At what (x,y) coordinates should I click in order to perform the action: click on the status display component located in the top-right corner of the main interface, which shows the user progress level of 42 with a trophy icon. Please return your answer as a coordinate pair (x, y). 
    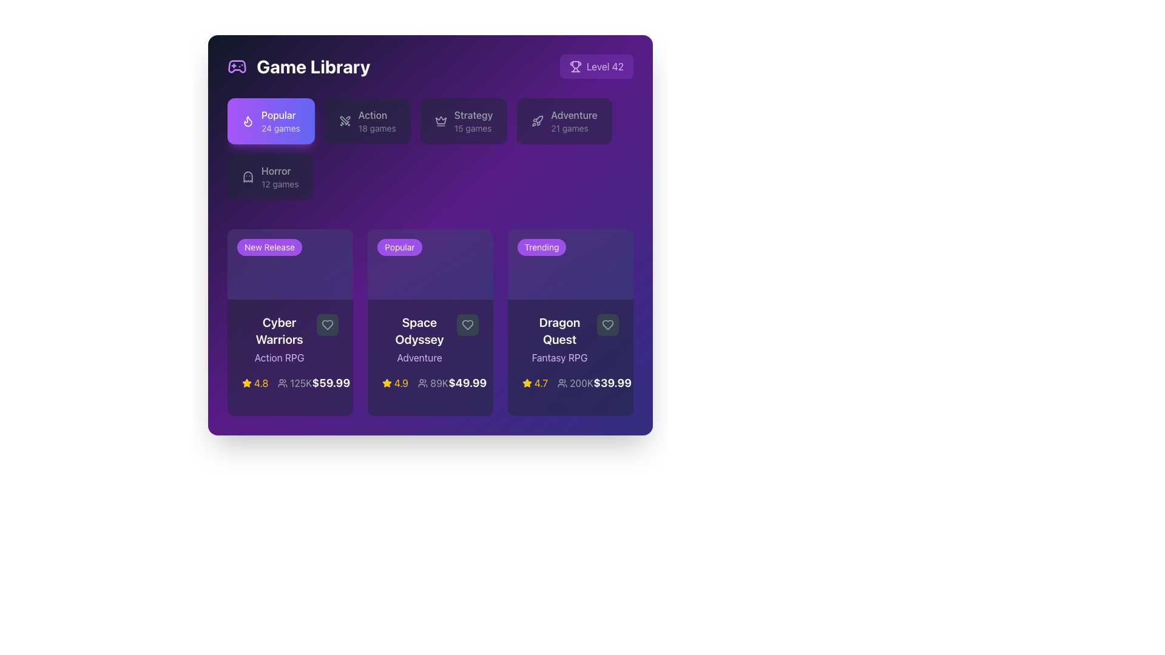
    Looking at the image, I should click on (596, 67).